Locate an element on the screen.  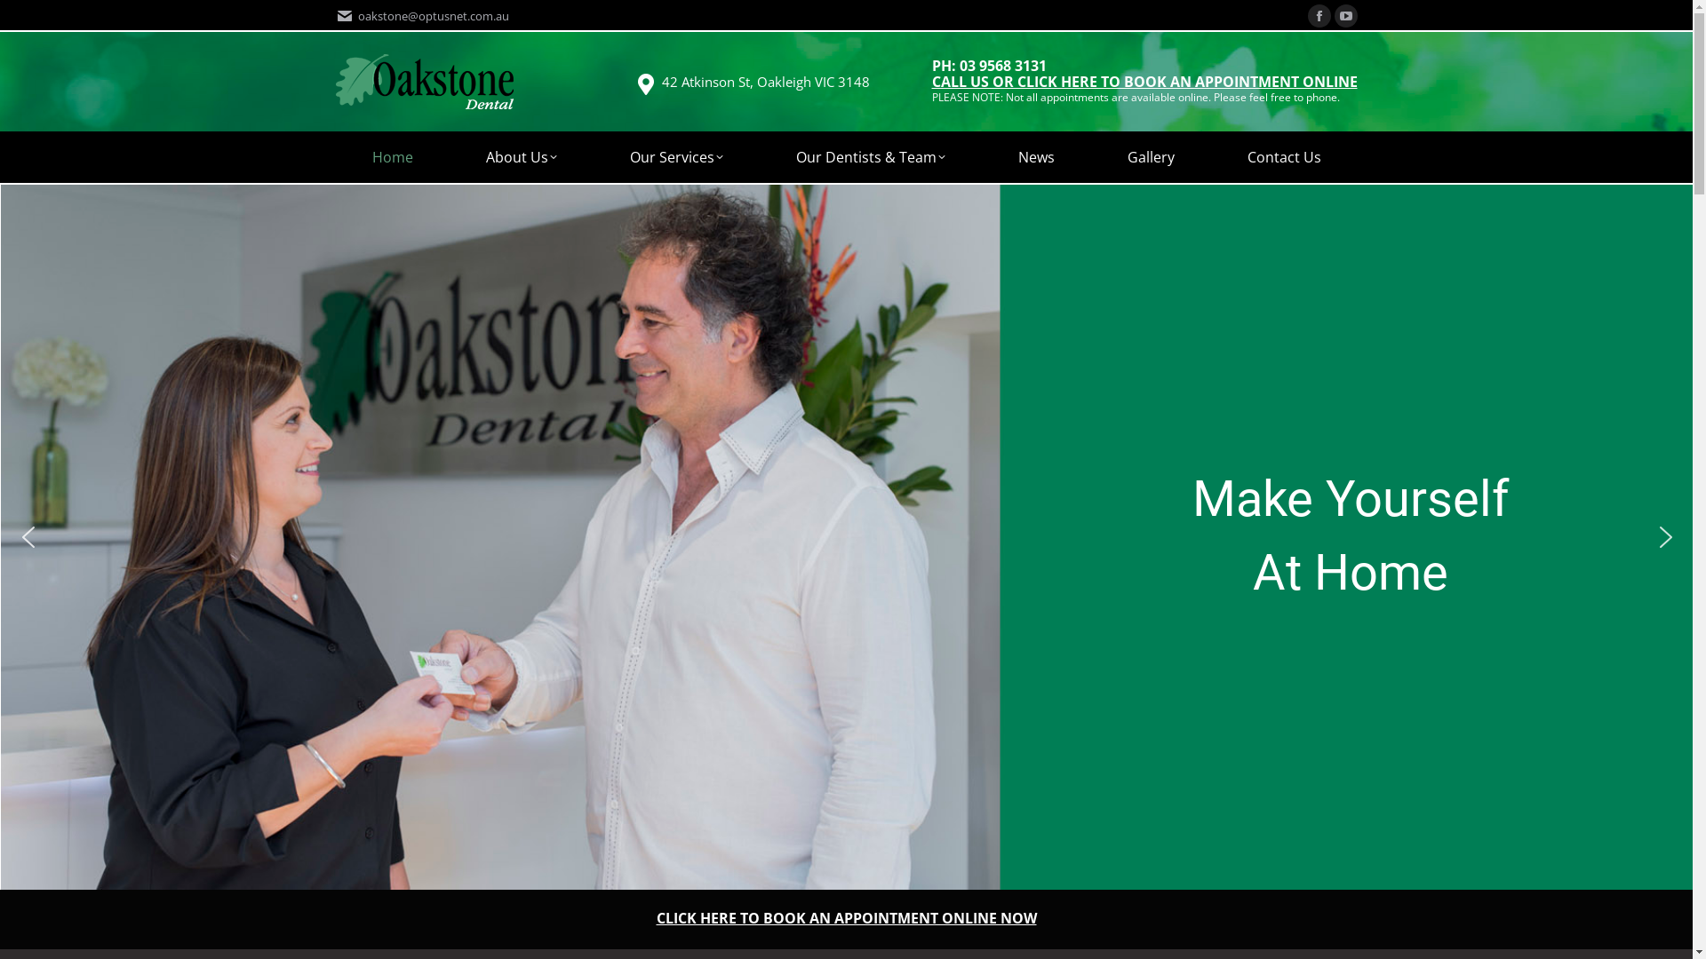
'Facebook page opens in new window' is located at coordinates (1319, 16).